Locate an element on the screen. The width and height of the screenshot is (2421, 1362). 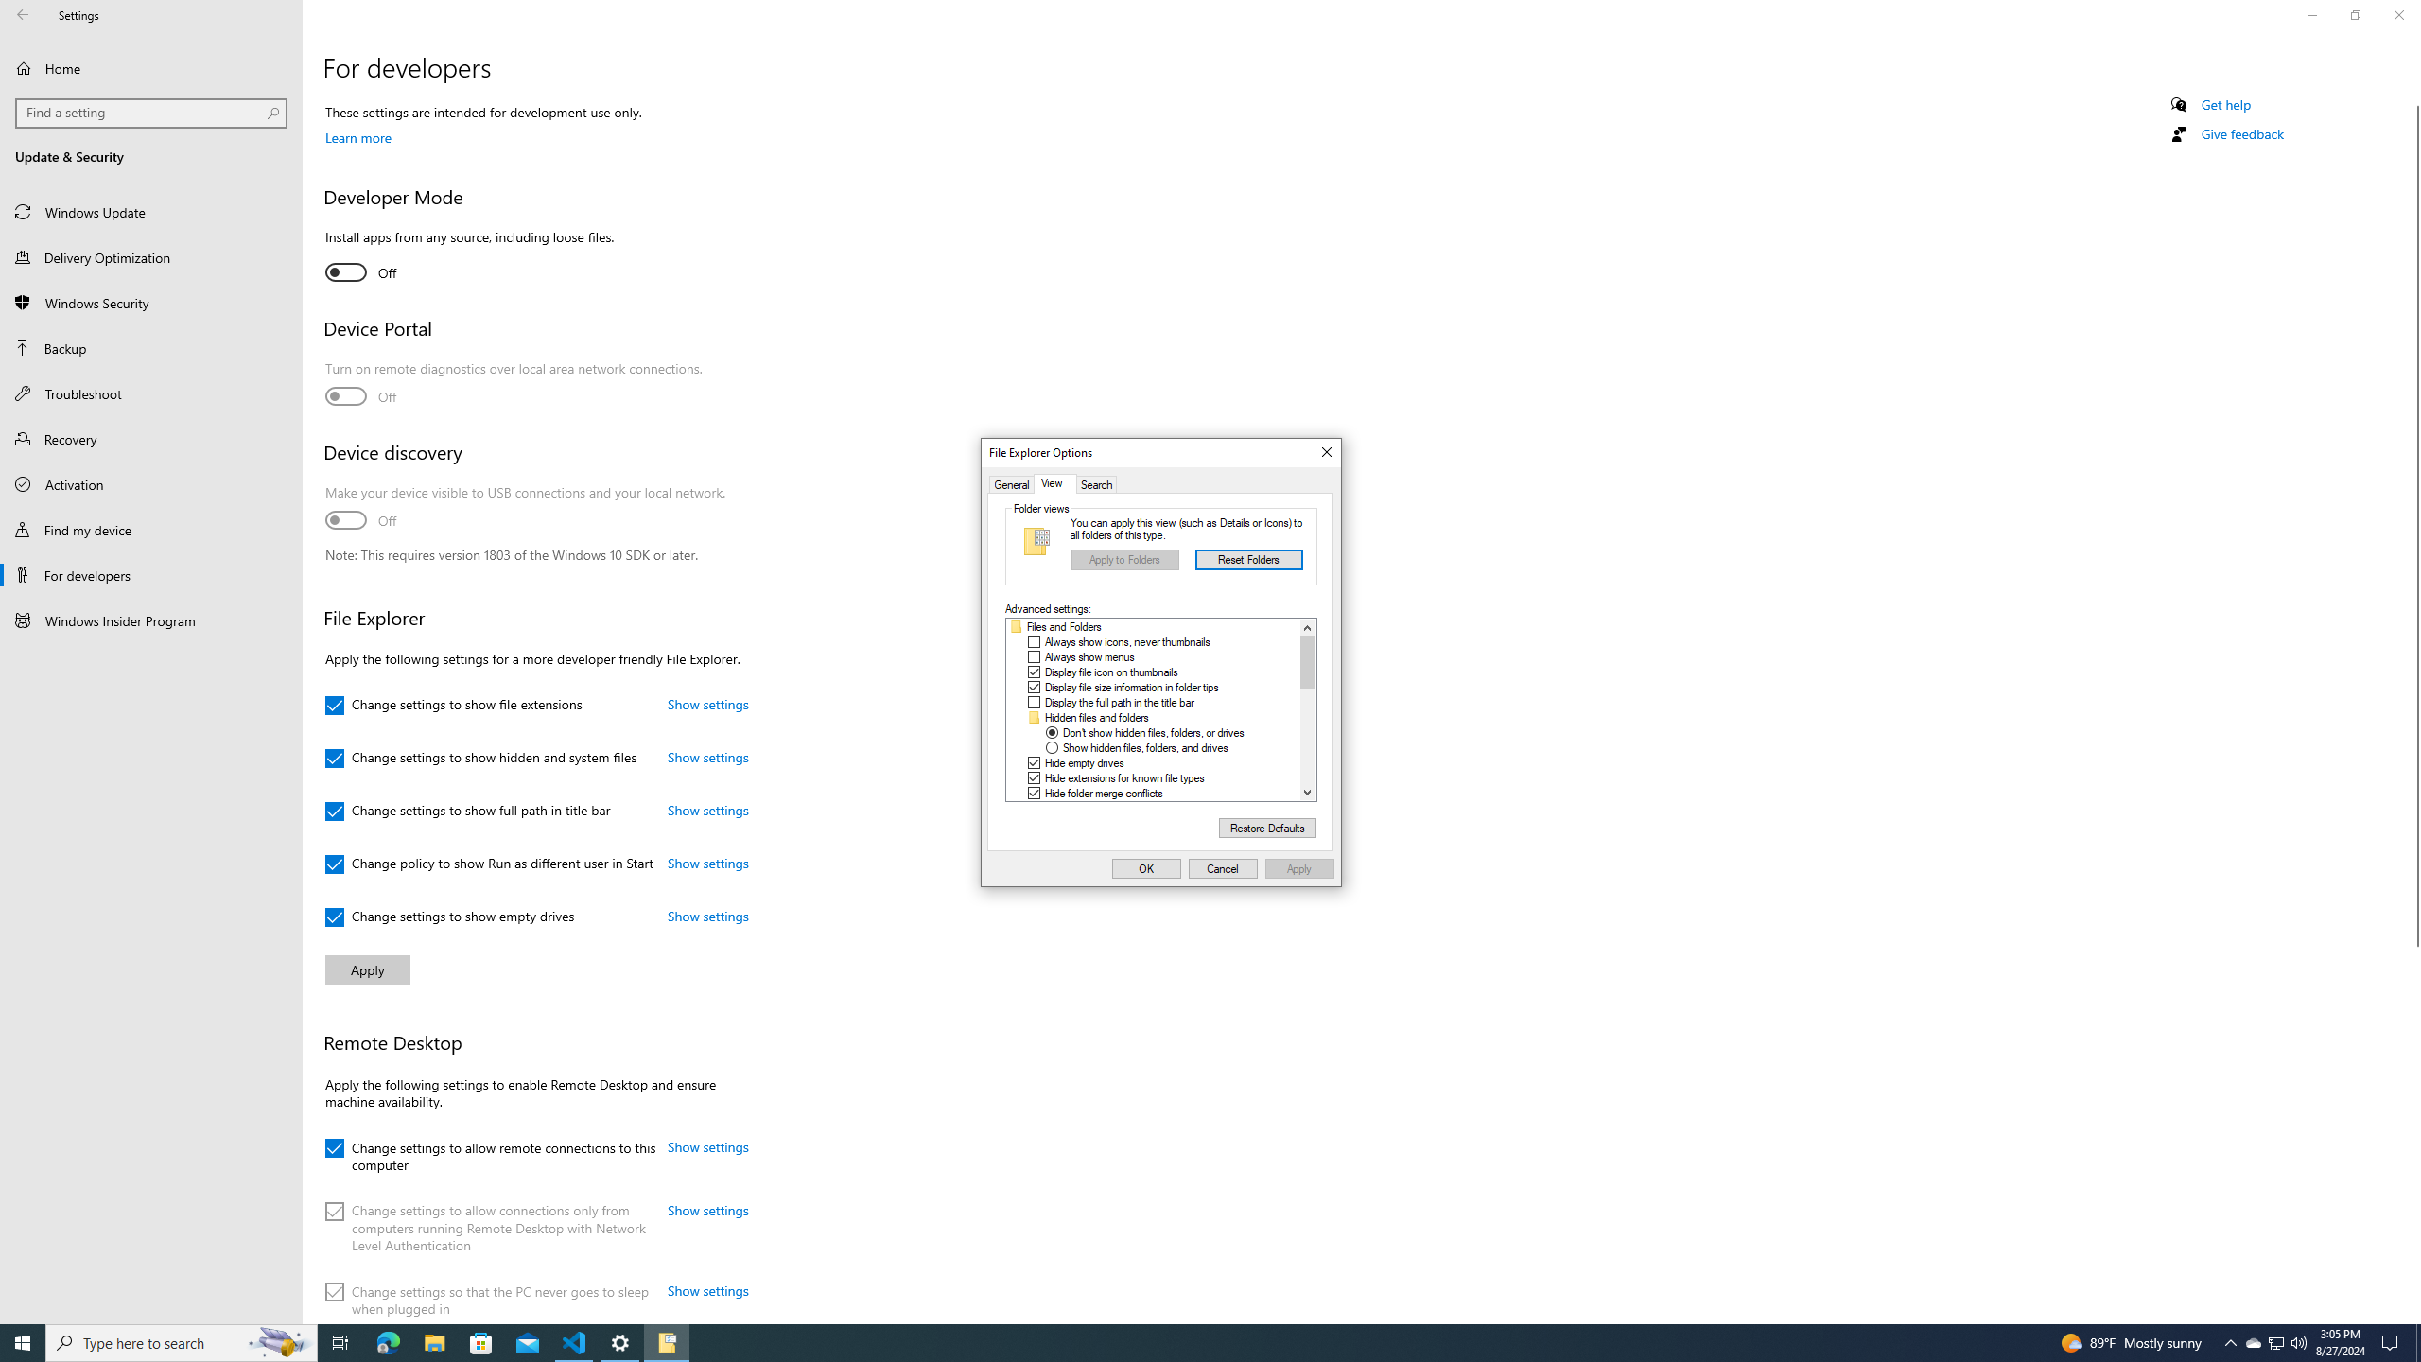
'Always show icons, never thumbnails' is located at coordinates (1126, 640).